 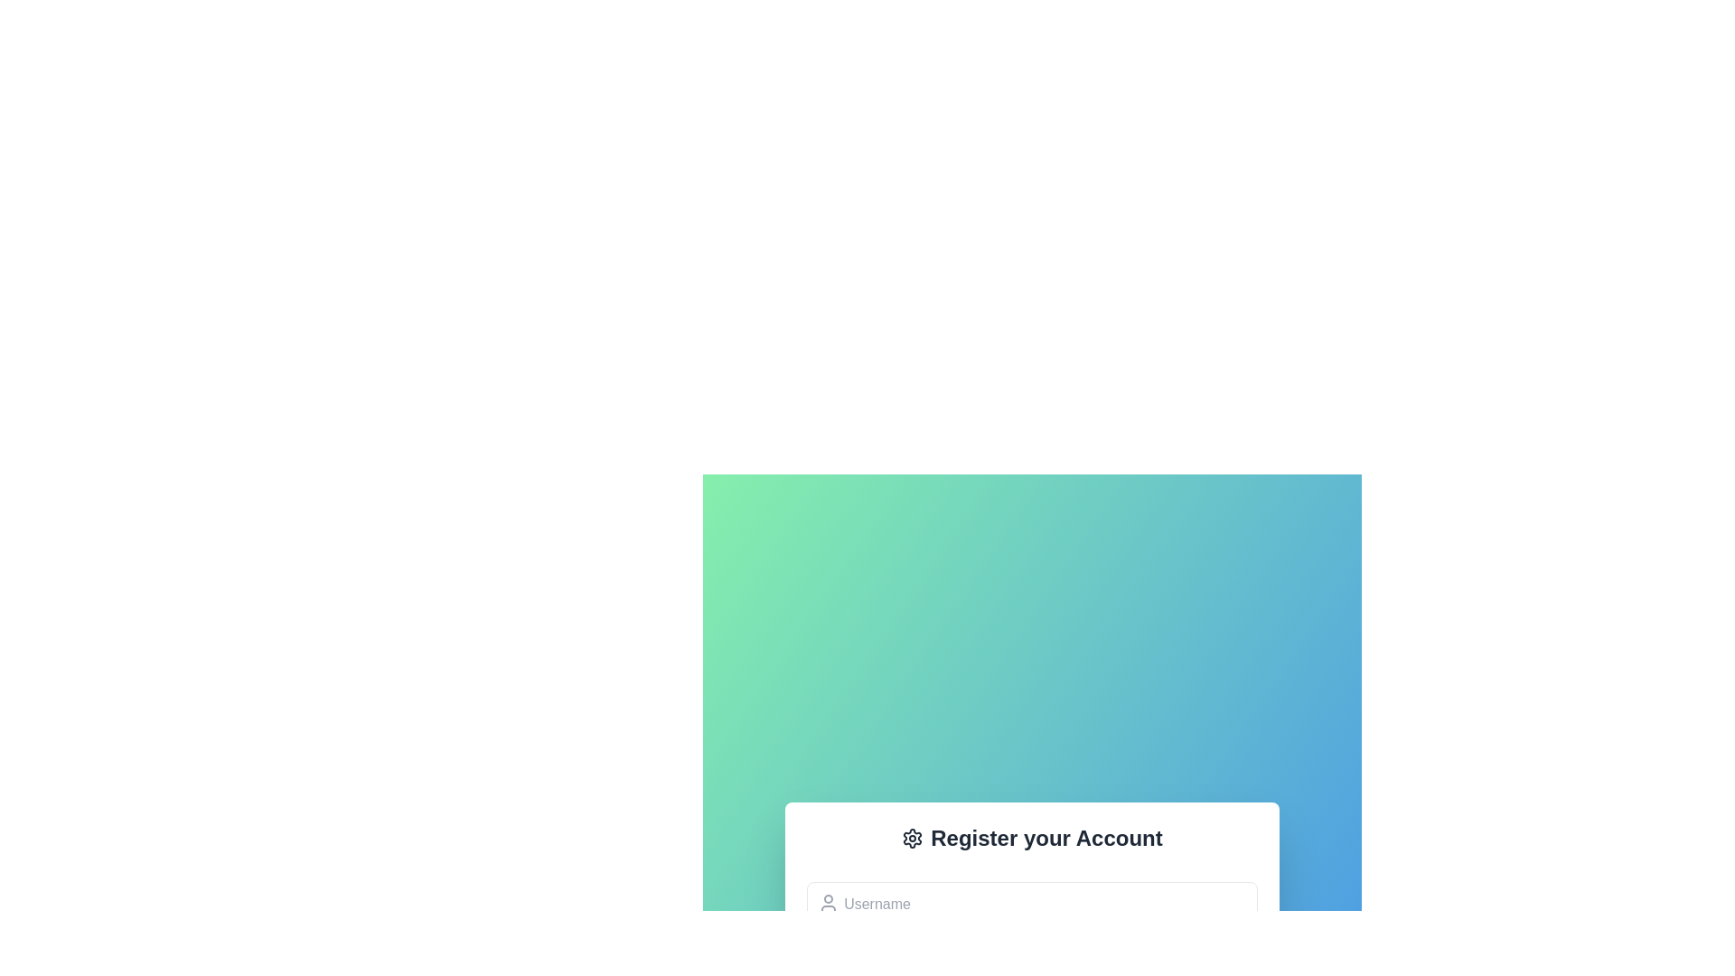 I want to click on the gear icon located to the left of the text 'Register your Account', so click(x=913, y=839).